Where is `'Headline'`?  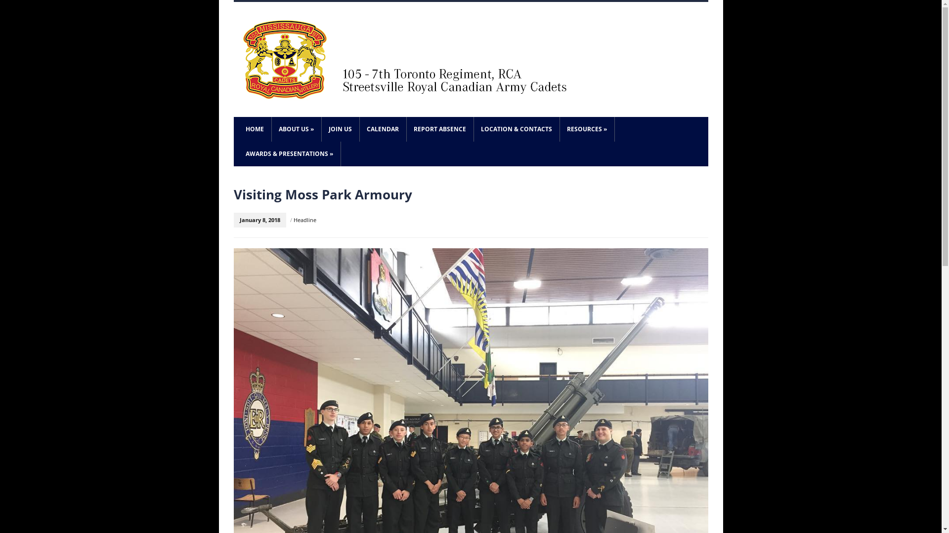
'Headline' is located at coordinates (293, 219).